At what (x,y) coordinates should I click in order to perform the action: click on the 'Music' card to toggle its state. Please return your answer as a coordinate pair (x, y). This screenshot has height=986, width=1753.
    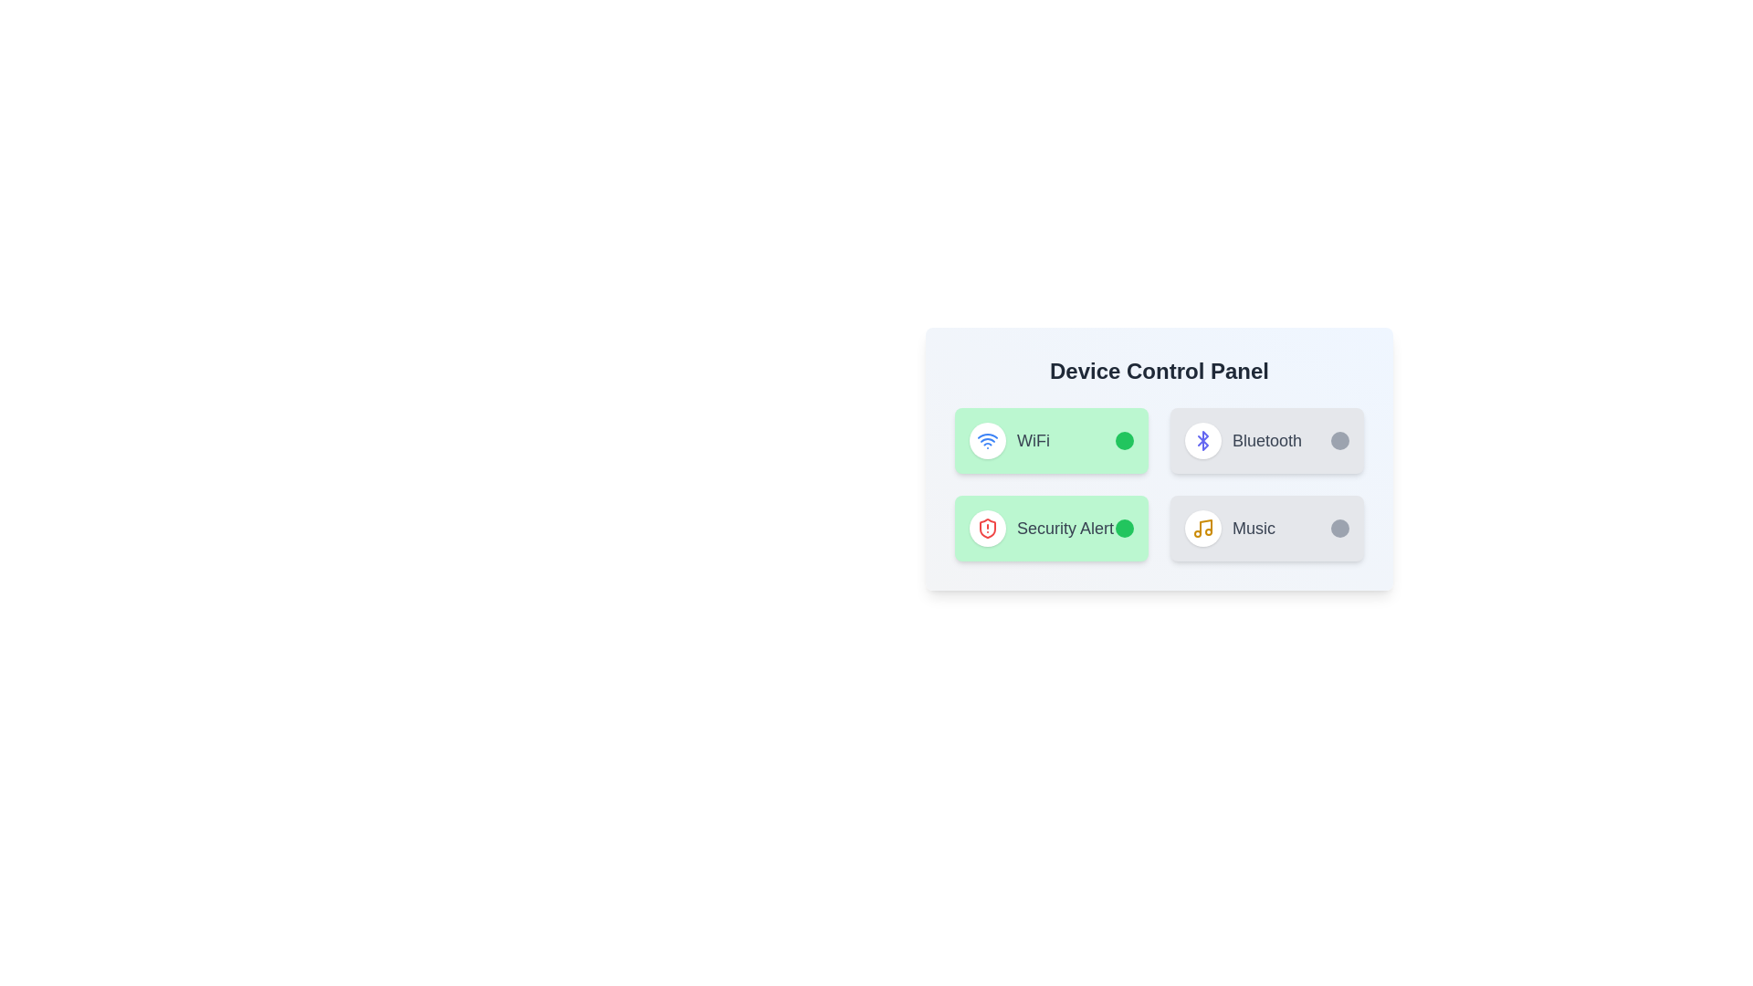
    Looking at the image, I should click on (1265, 528).